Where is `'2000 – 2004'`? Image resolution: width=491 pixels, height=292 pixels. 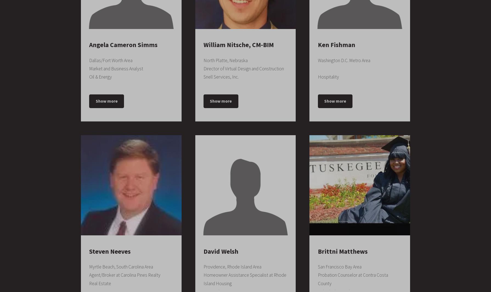
'2000 – 2004' is located at coordinates (247, 70).